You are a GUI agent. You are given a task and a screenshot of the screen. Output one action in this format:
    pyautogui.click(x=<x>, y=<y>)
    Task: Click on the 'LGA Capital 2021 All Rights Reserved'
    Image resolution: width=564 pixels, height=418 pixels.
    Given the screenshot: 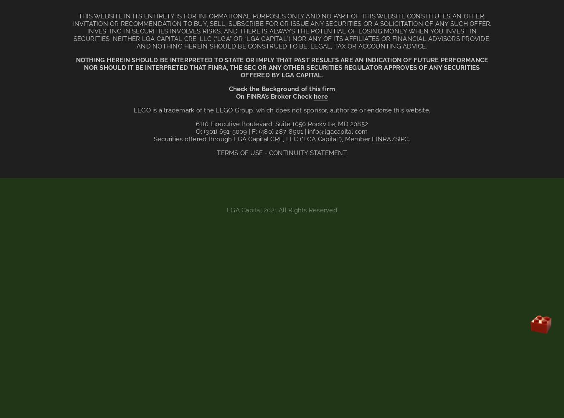 What is the action you would take?
    pyautogui.click(x=282, y=210)
    